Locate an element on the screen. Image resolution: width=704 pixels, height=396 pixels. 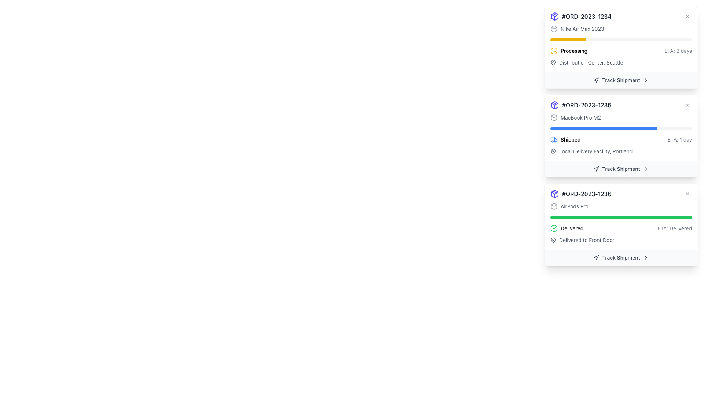
the box icon in the top-left corner of the order card for #ORD-2023-1234, which serves as a visual identifier for the order type or status is located at coordinates (554, 28).